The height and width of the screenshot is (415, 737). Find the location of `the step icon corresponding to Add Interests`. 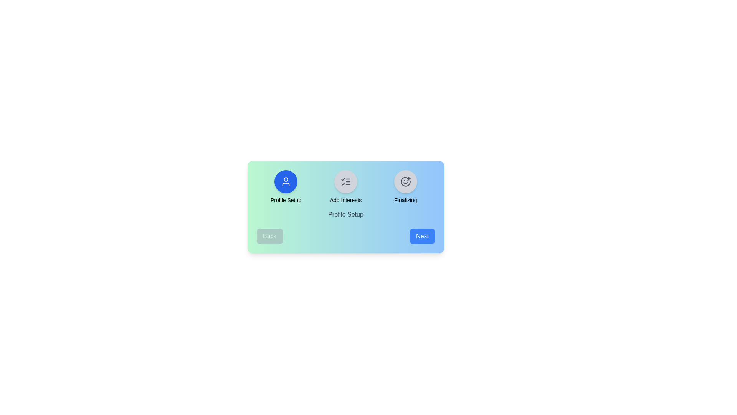

the step icon corresponding to Add Interests is located at coordinates (345, 182).